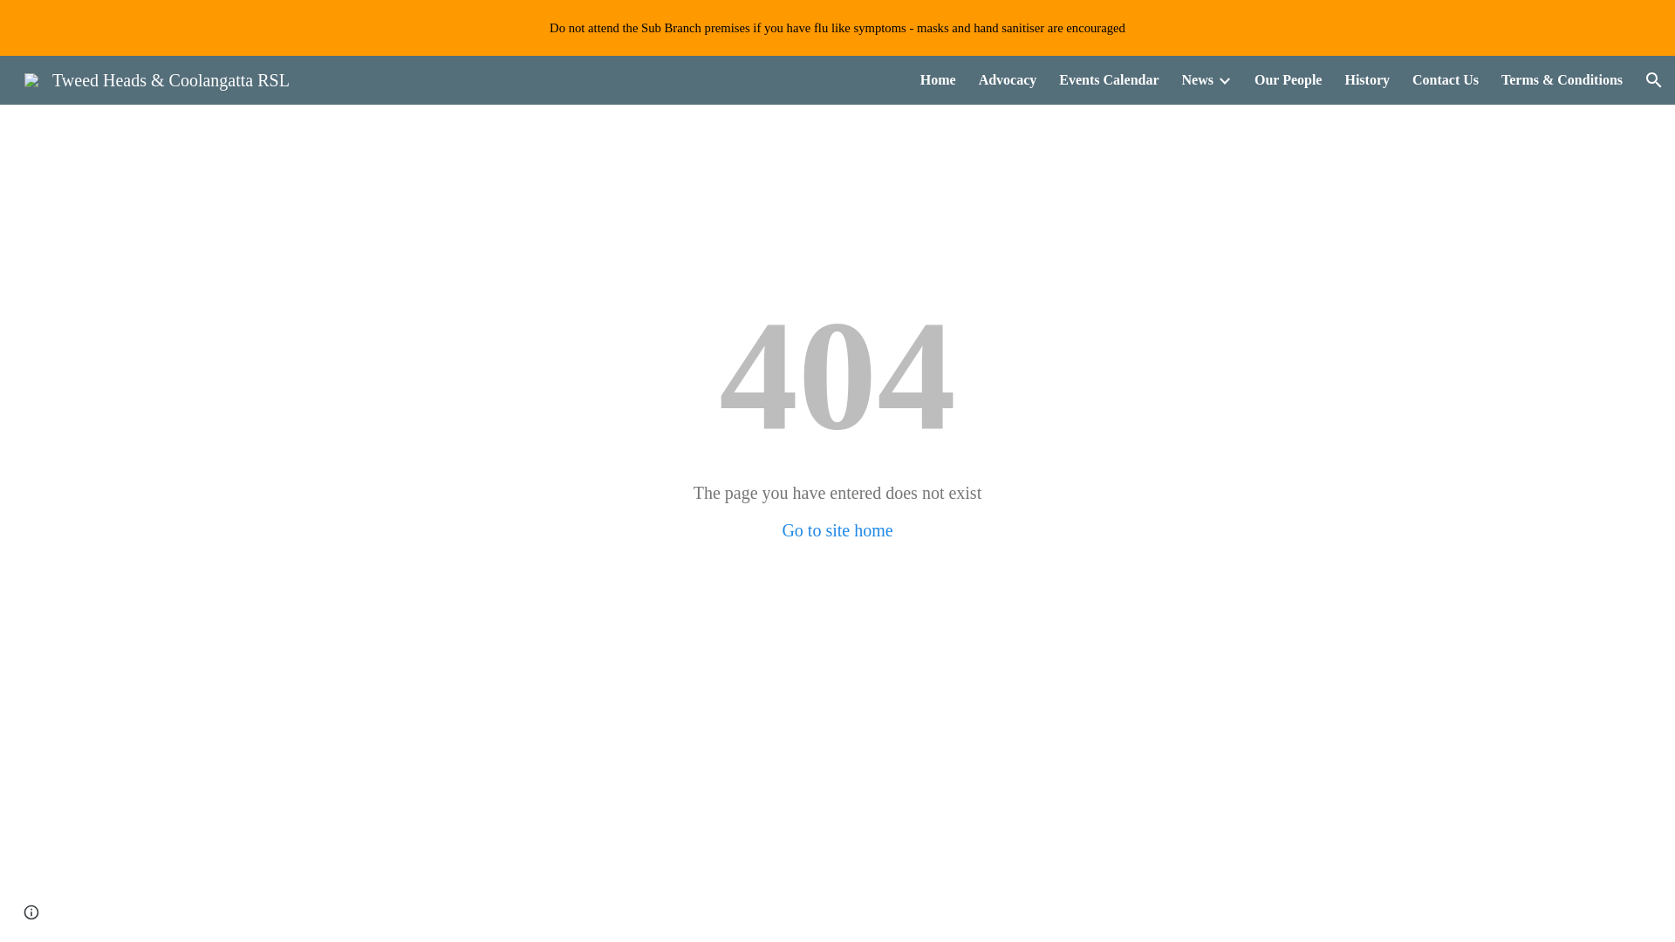 This screenshot has height=942, width=1675. I want to click on 'Expand/Collapse', so click(1214, 80).